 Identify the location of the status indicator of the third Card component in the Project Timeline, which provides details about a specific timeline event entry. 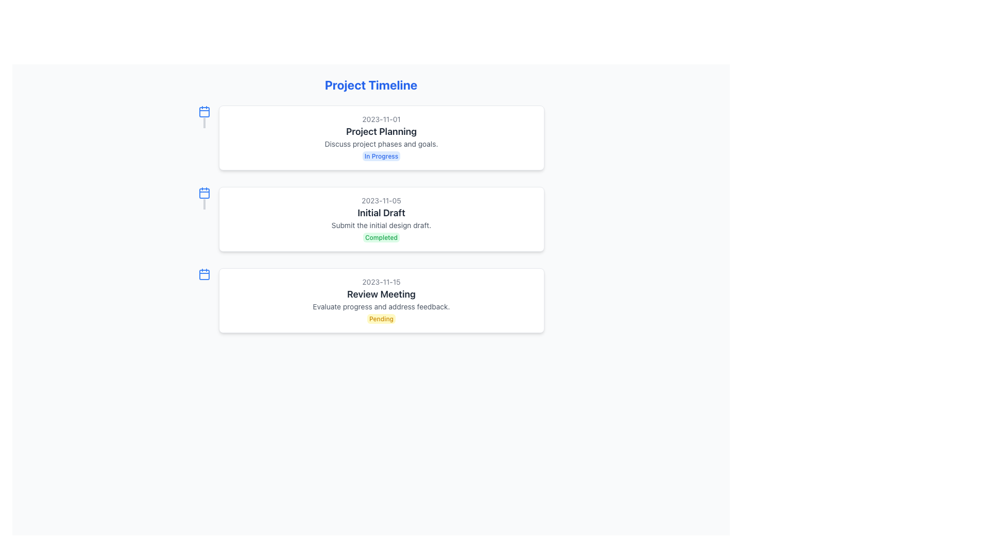
(371, 300).